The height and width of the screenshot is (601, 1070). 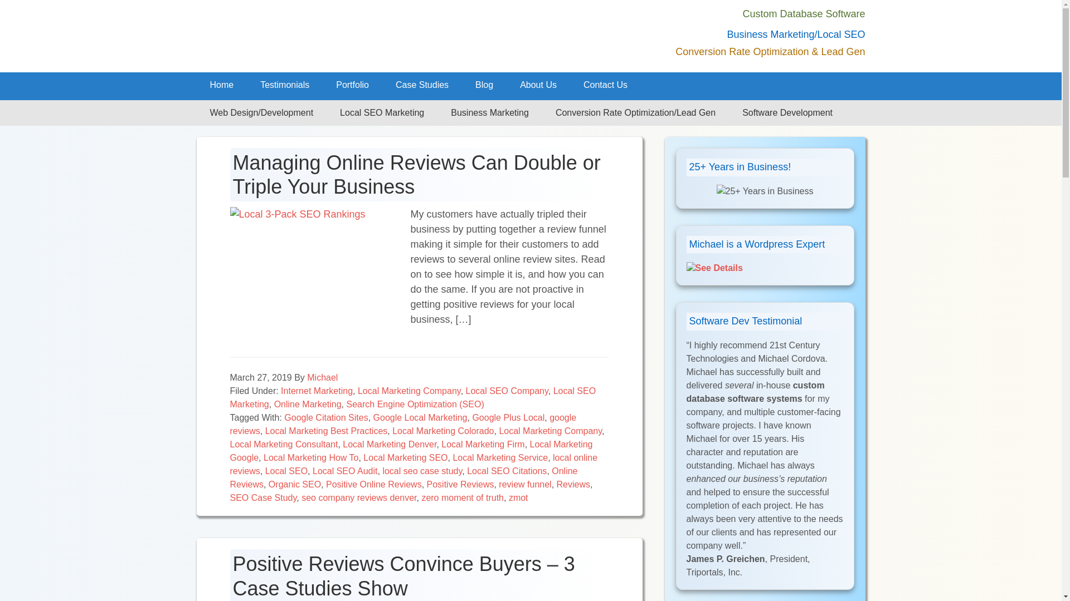 I want to click on 'Local Marketing Firm', so click(x=483, y=444).